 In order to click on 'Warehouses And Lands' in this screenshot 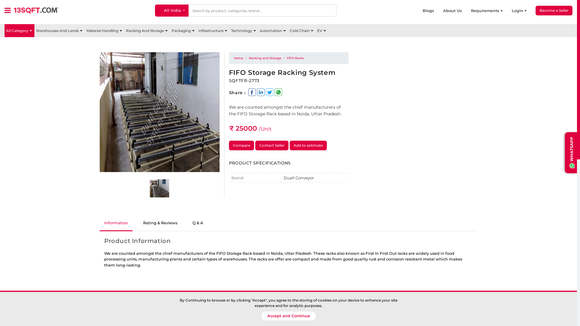, I will do `click(60, 30)`.